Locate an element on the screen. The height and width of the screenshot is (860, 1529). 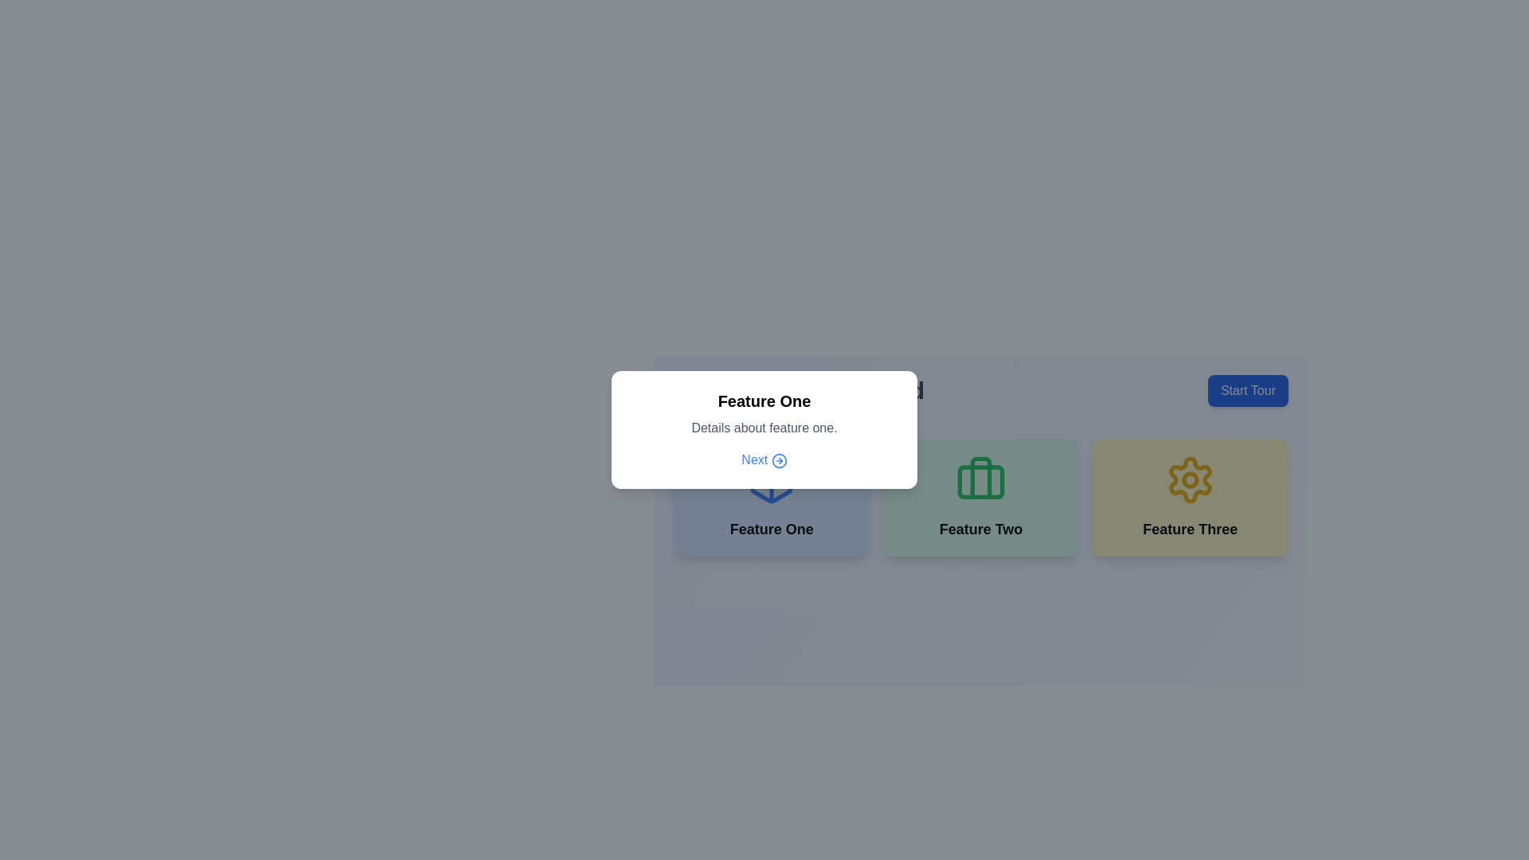
the context of the icon representing 'Feature Two', which is centrally located above the card title in the middle of a row of three feature cards is located at coordinates (980, 479).